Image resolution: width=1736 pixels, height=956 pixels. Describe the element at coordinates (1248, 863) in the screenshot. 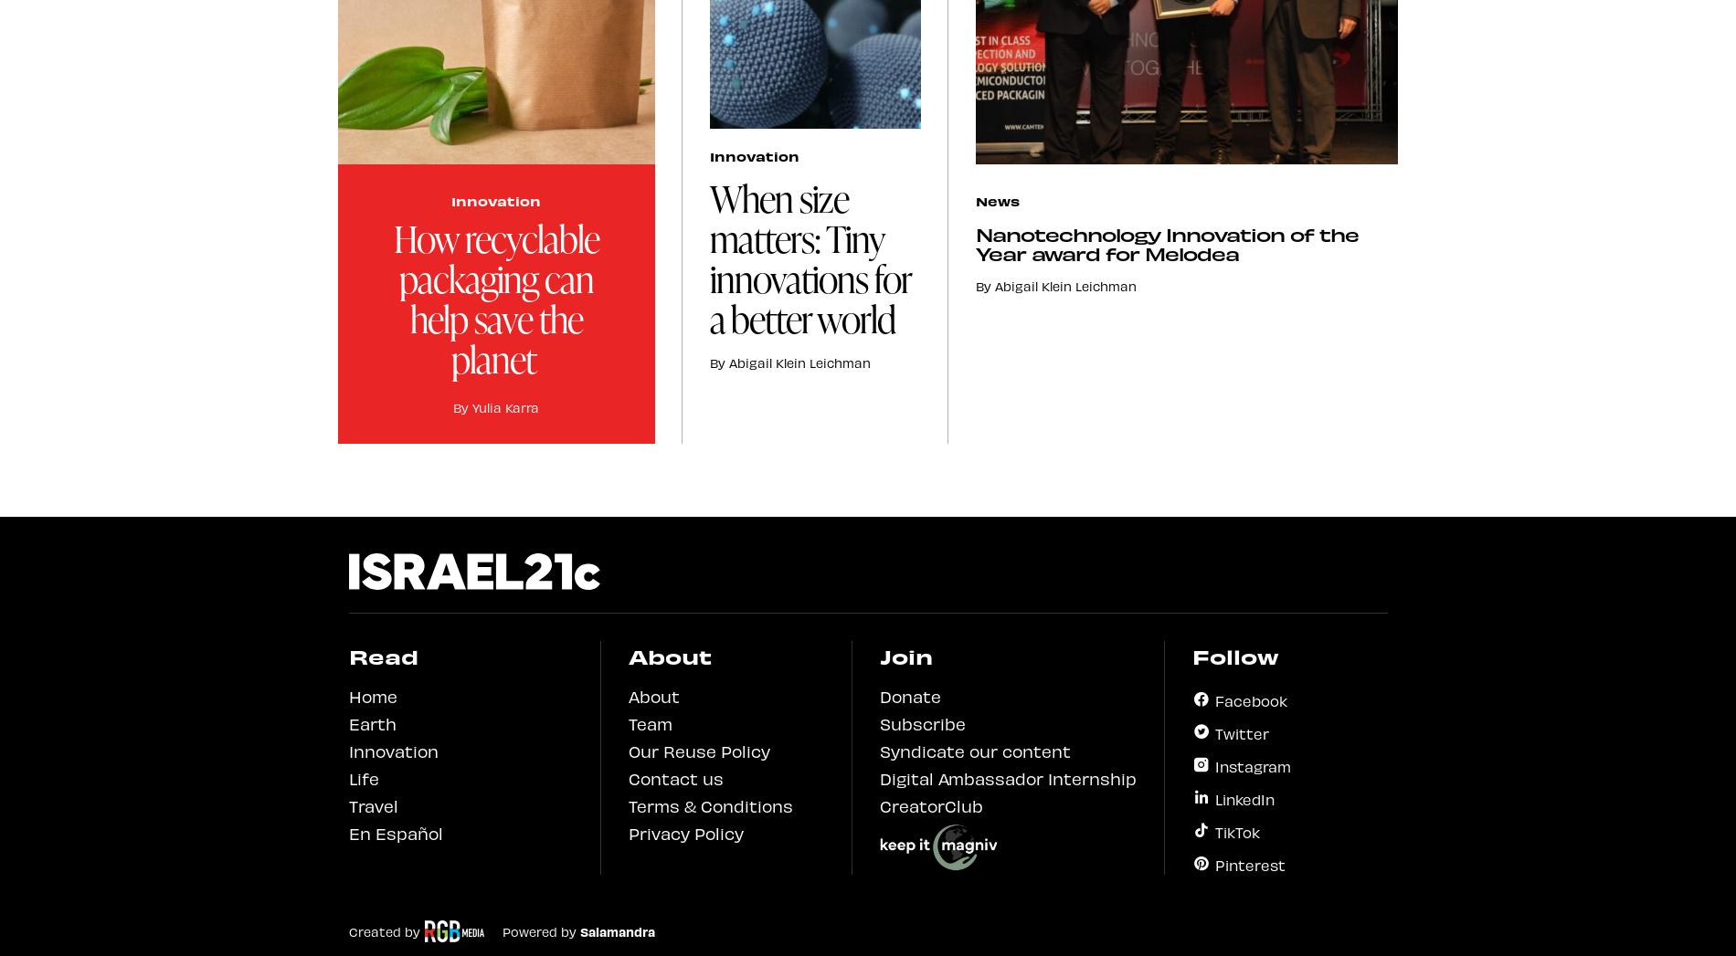

I see `'Pinterest'` at that location.